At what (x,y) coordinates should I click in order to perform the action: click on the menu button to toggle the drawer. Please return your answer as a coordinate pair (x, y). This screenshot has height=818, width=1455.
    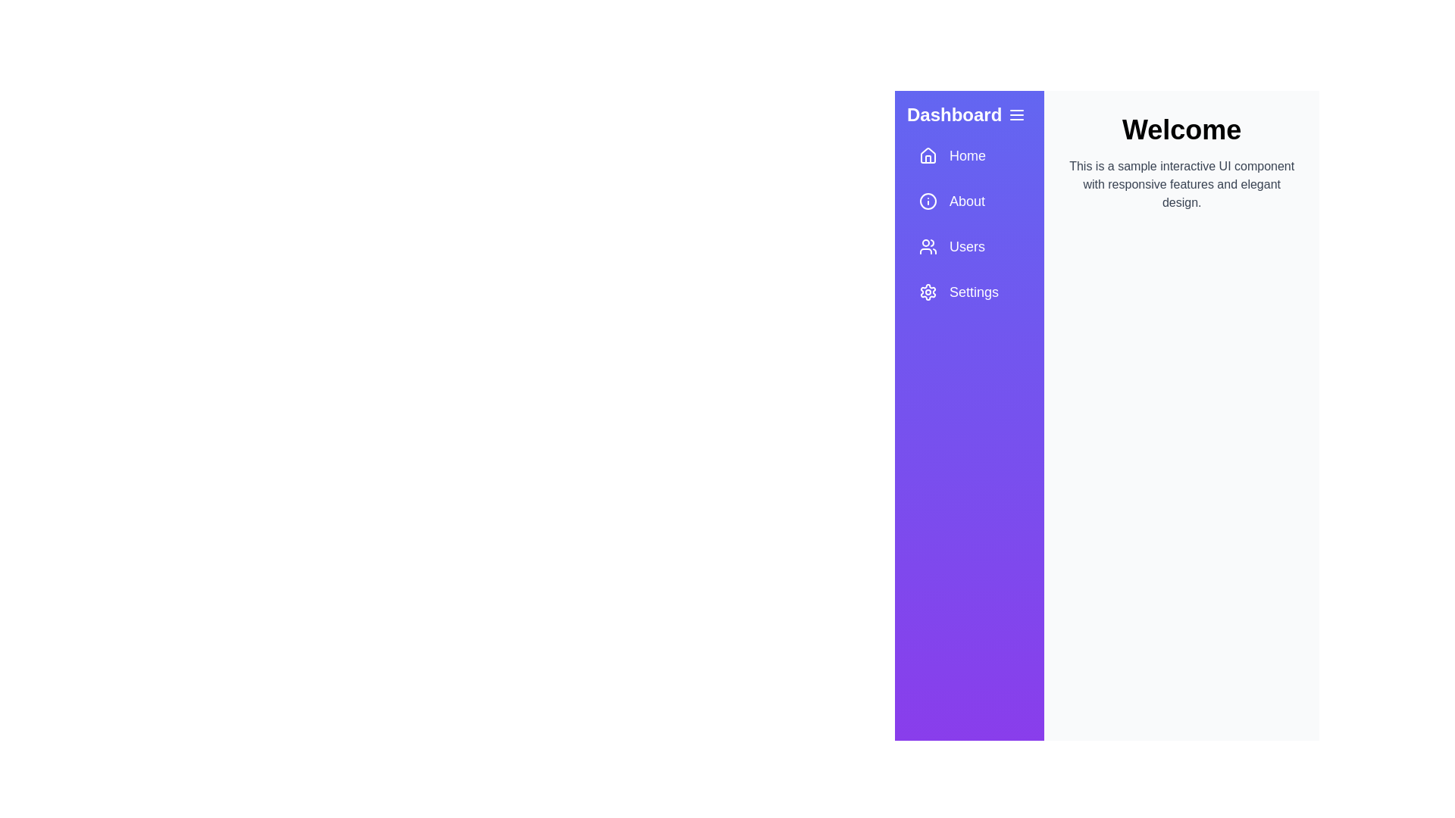
    Looking at the image, I should click on (1017, 114).